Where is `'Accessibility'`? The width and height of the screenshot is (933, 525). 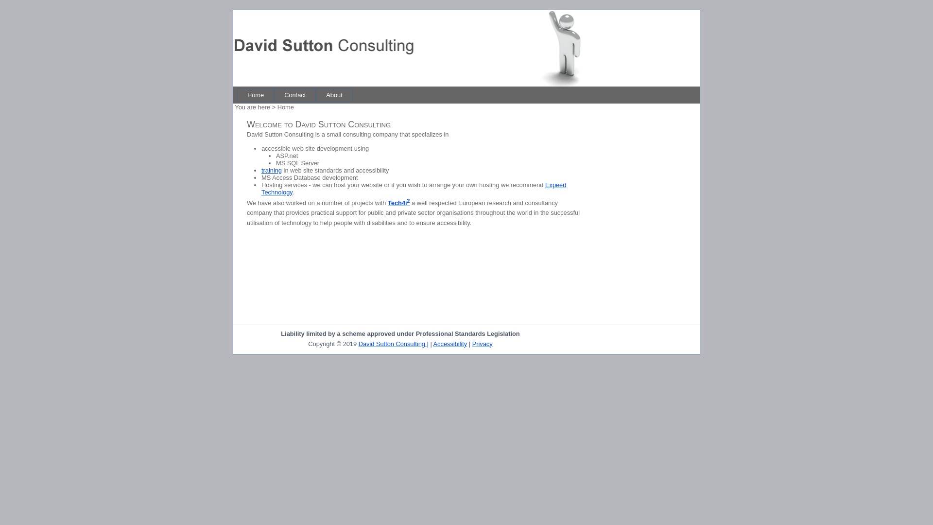 'Accessibility' is located at coordinates (449, 343).